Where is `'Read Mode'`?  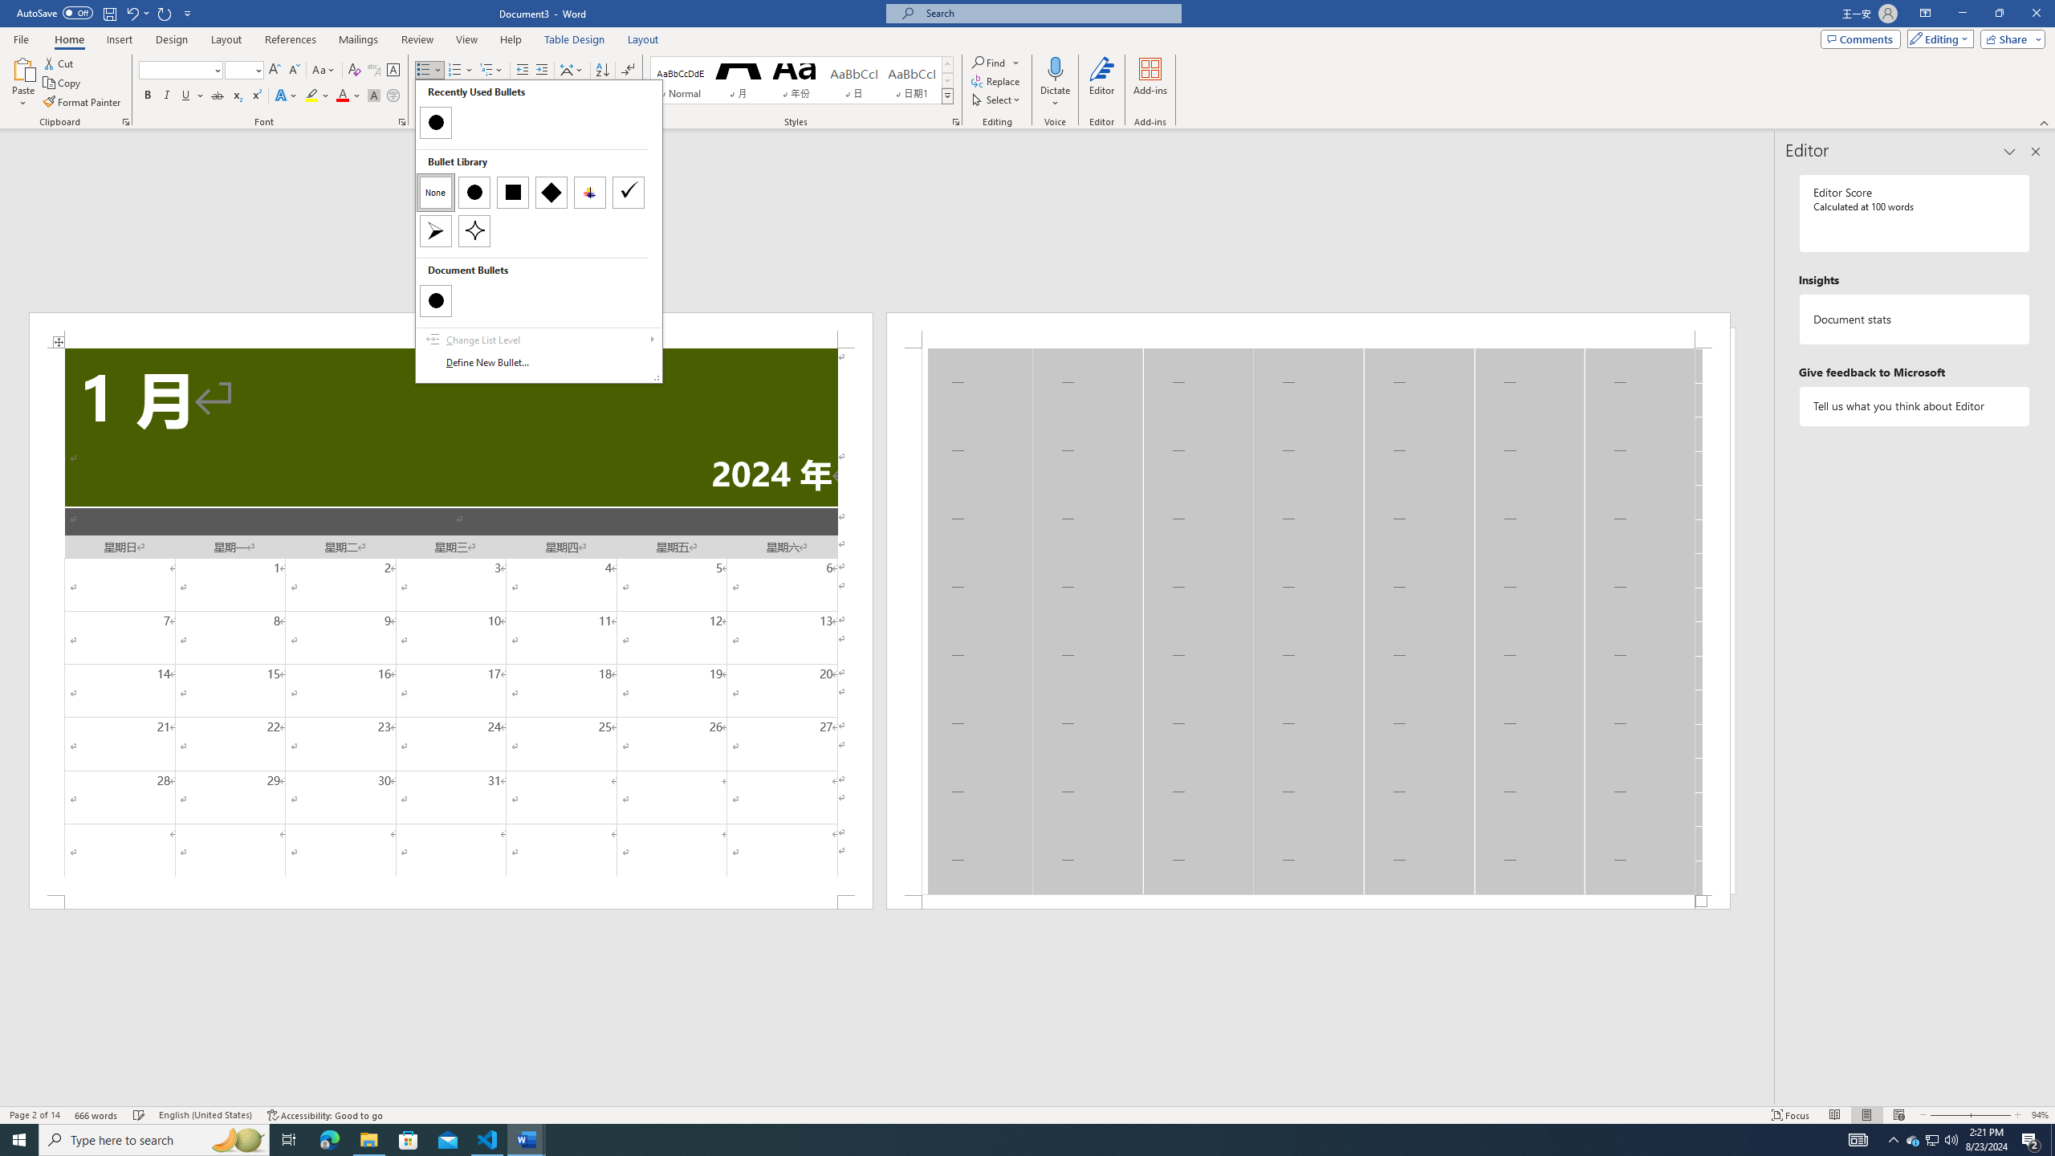
'Read Mode' is located at coordinates (1835, 1115).